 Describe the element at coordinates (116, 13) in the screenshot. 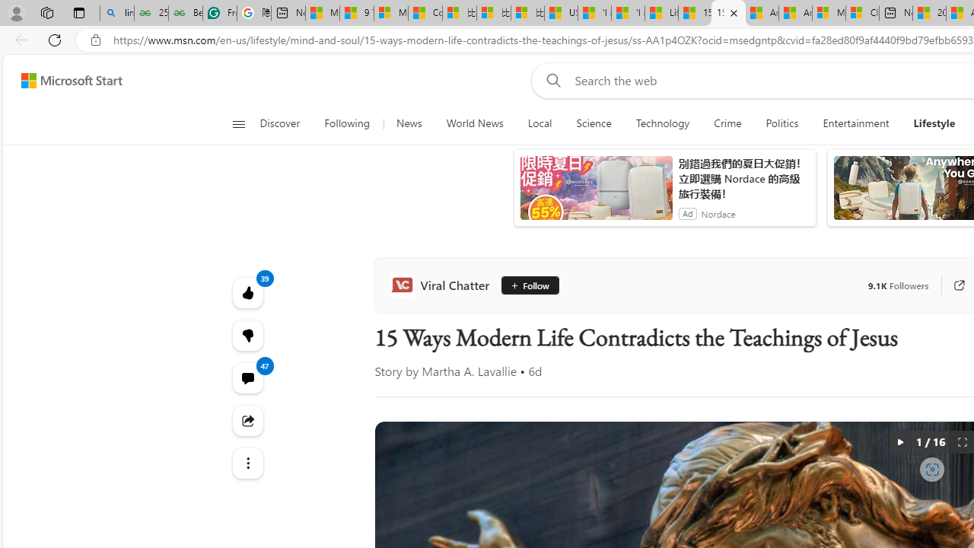

I see `'linux basic - Search'` at that location.